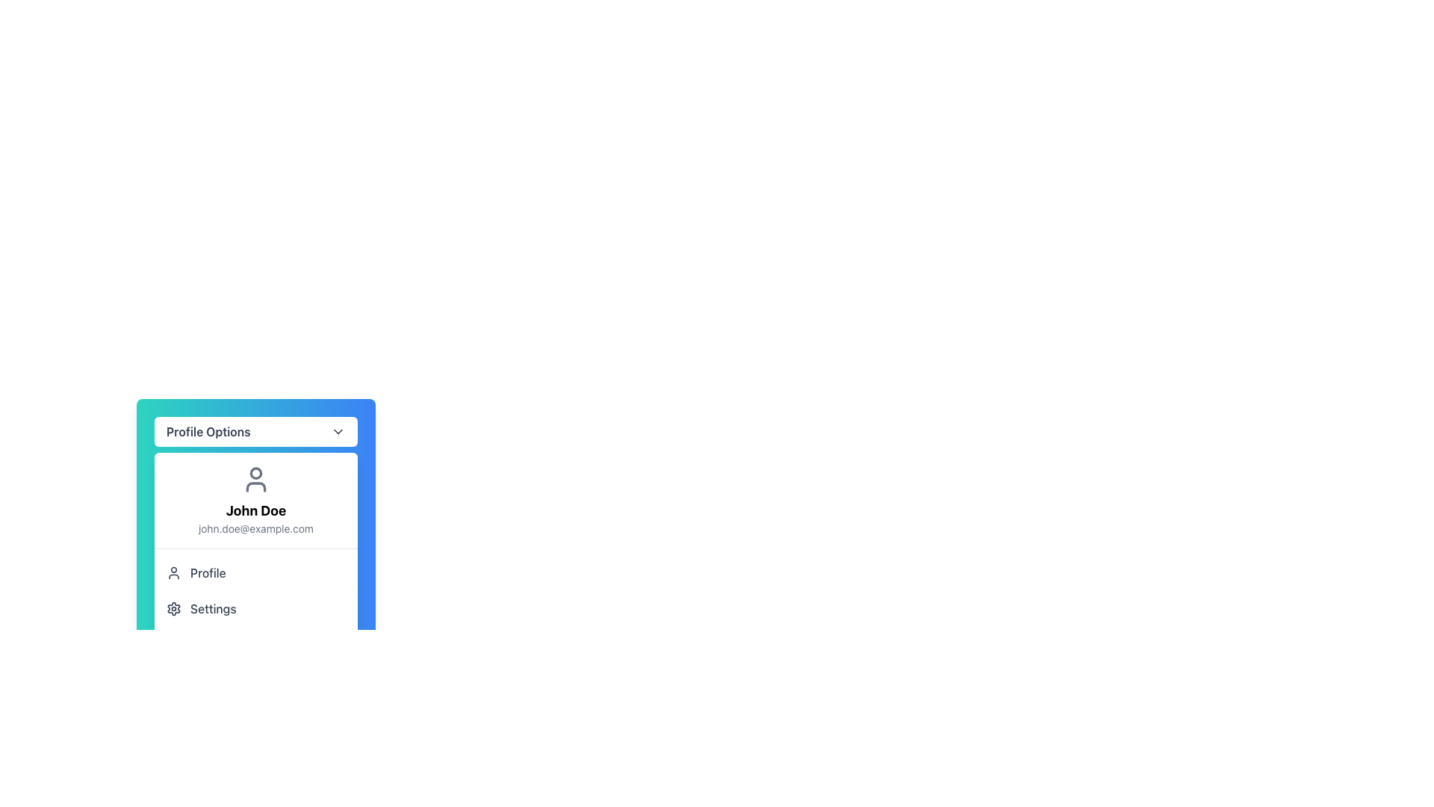  Describe the element at coordinates (174, 608) in the screenshot. I see `the gear-shaped settings icon located next to the 'Settings' text in the dropdown menu` at that location.